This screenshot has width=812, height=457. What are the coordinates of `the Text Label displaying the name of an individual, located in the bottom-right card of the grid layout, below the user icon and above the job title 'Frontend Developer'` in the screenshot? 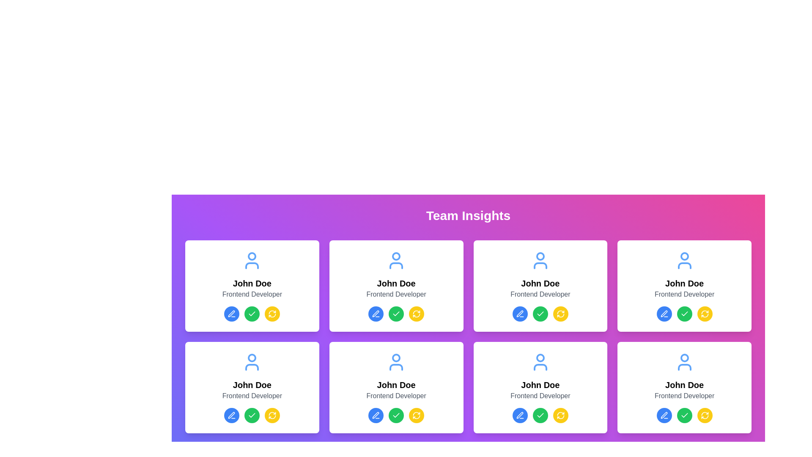 It's located at (684, 385).